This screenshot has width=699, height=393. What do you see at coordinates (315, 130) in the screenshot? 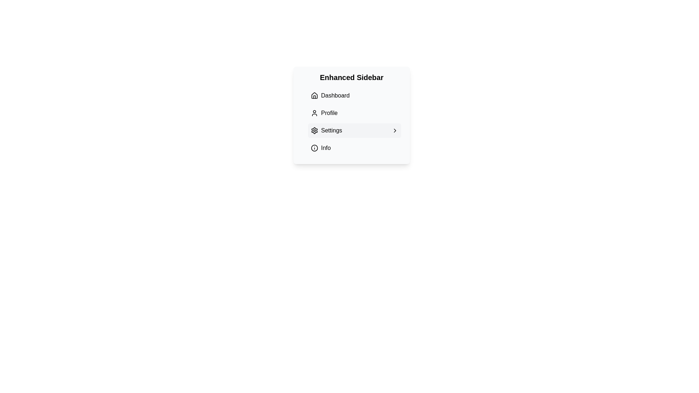
I see `the cogwheel icon symbolizing 'Settings', which is located to the left of the 'Settings' label in the sidebar` at bounding box center [315, 130].